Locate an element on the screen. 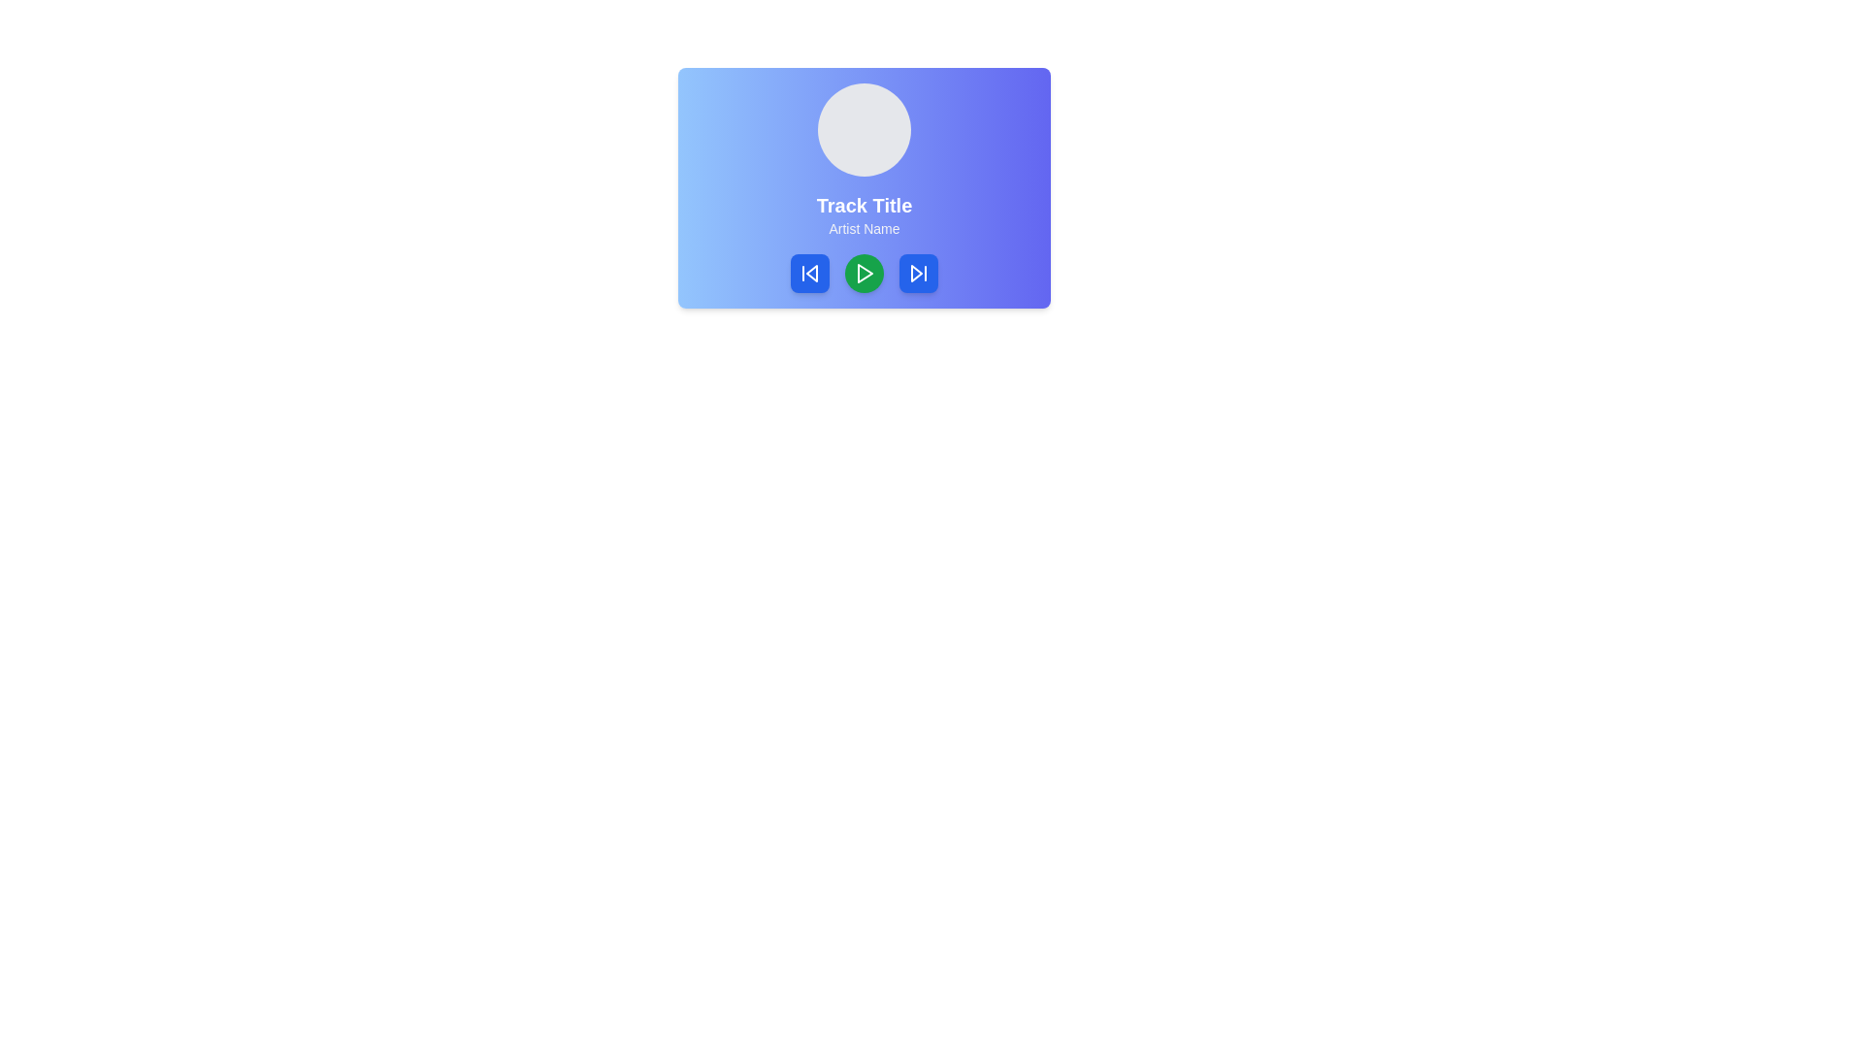 The image size is (1863, 1048). the 'Track Title' text label element, which is bold, large, and white-colored, located in the center of a card layout with a gradient blue background, positioned below a circular placeholder and above the 'Artist Name' text is located at coordinates (864, 206).